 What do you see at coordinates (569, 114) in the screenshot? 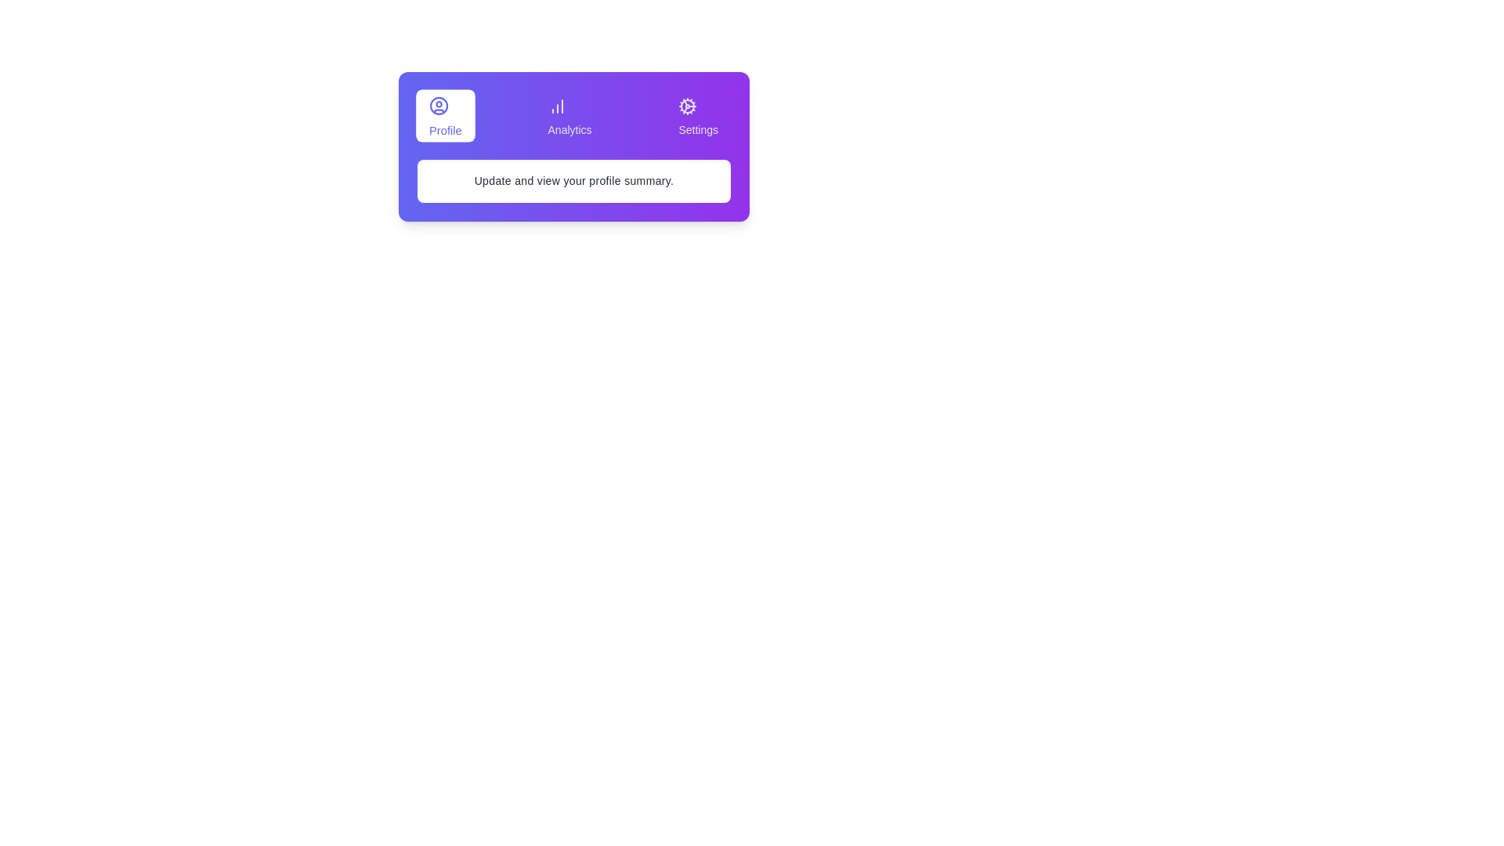
I see `the Analytics tab to trigger hover effects` at bounding box center [569, 114].